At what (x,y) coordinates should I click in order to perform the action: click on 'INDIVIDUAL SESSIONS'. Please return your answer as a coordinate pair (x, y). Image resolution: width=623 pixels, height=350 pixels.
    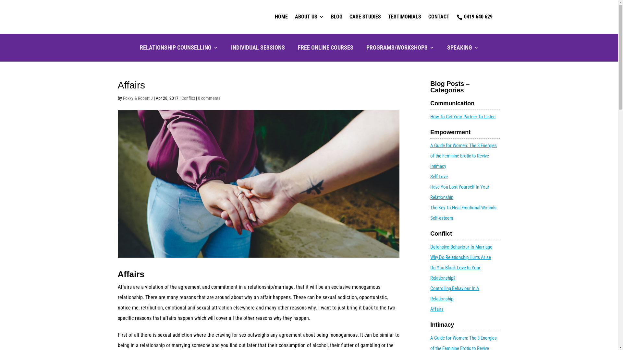
    Looking at the image, I should click on (258, 48).